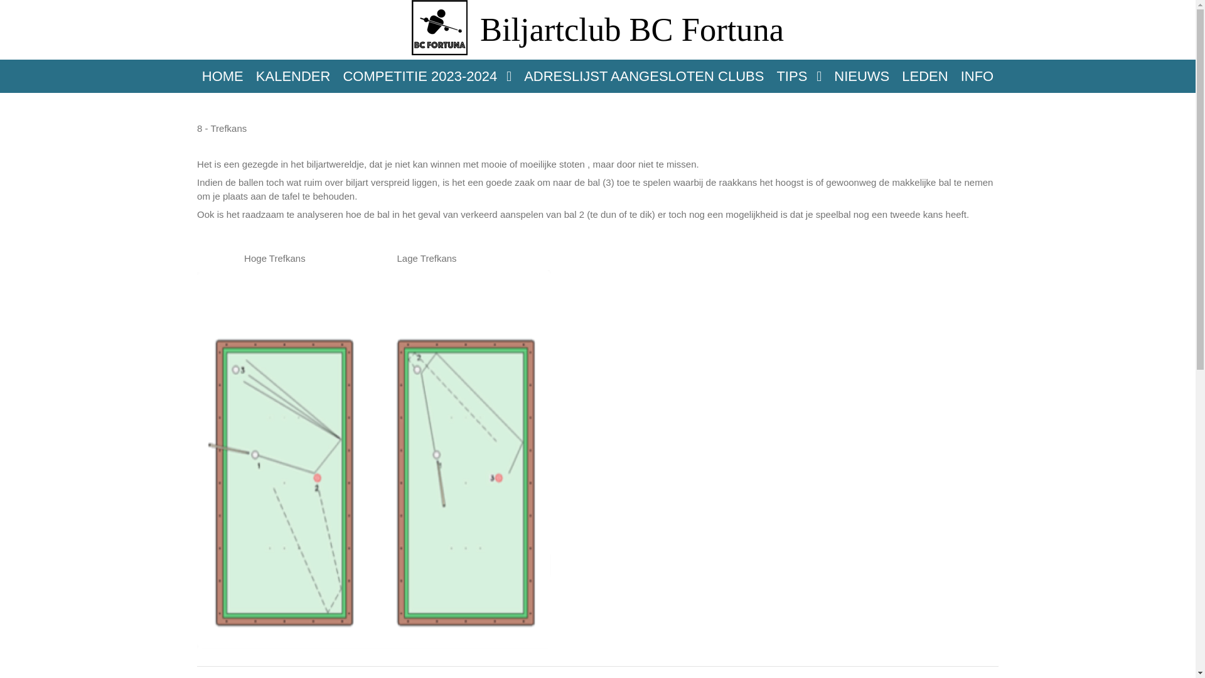  What do you see at coordinates (860, 75) in the screenshot?
I see `'NIEUWS'` at bounding box center [860, 75].